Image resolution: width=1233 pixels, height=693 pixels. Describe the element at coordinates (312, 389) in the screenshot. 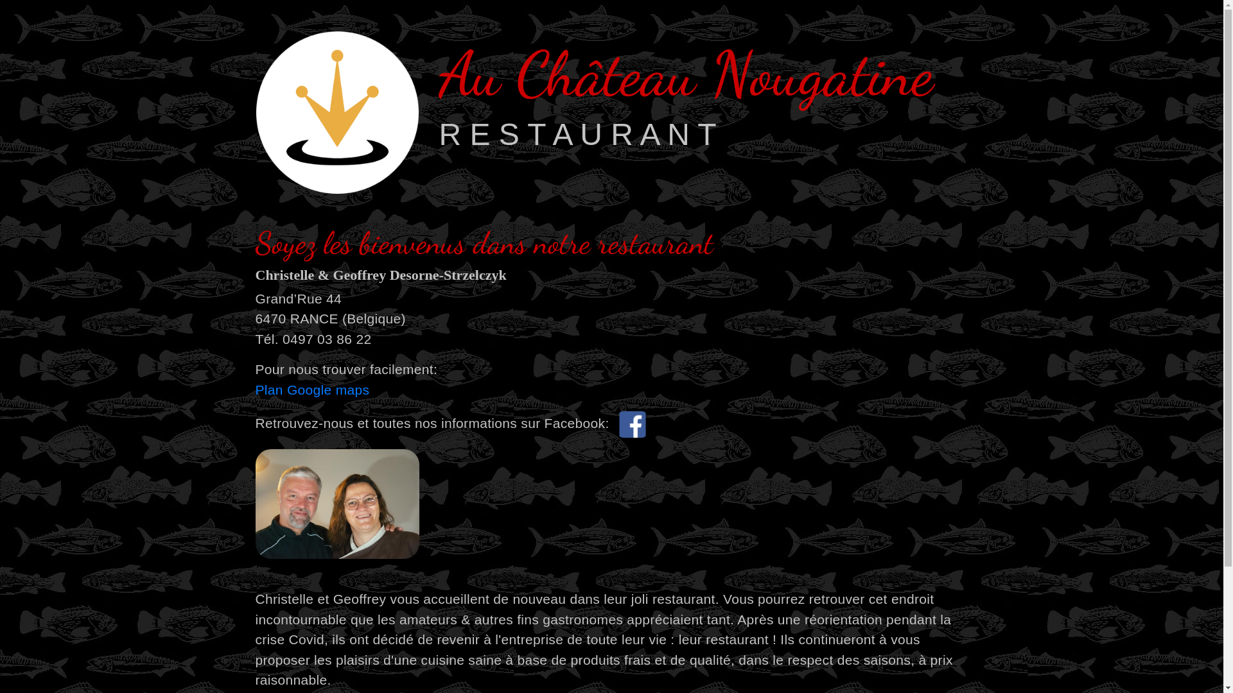

I see `'Plan Google maps'` at that location.